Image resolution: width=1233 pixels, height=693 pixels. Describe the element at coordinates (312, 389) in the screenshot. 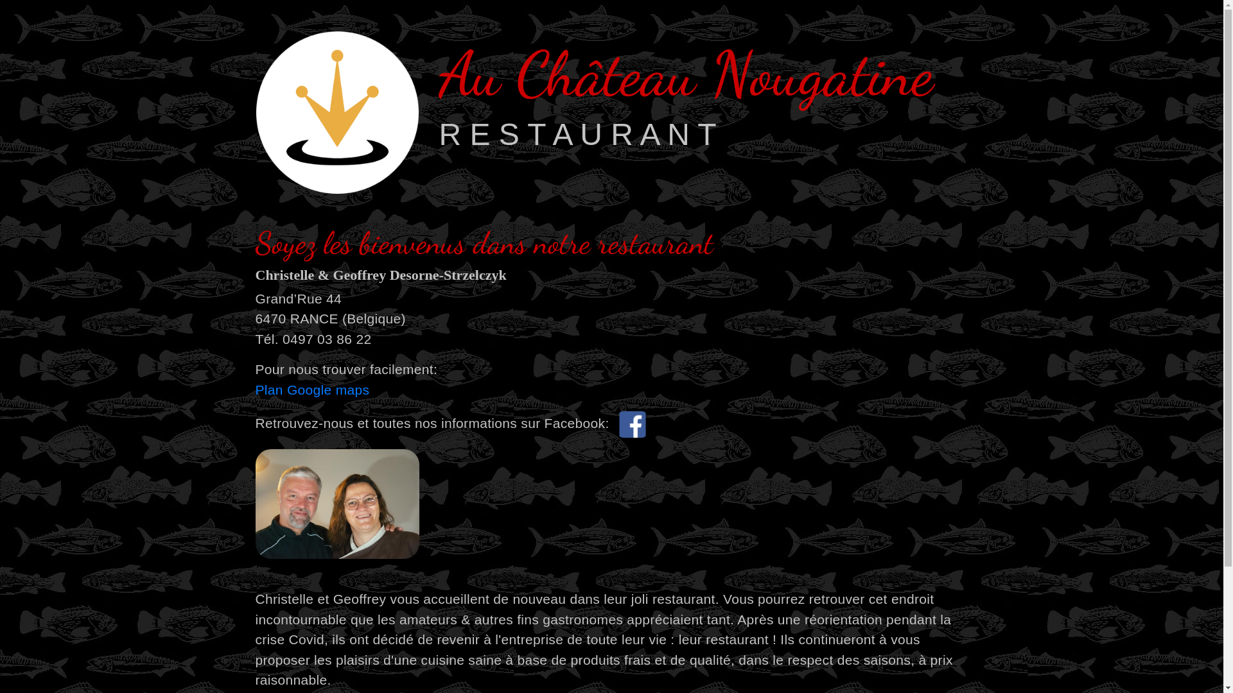

I see `'Plan Google maps'` at that location.